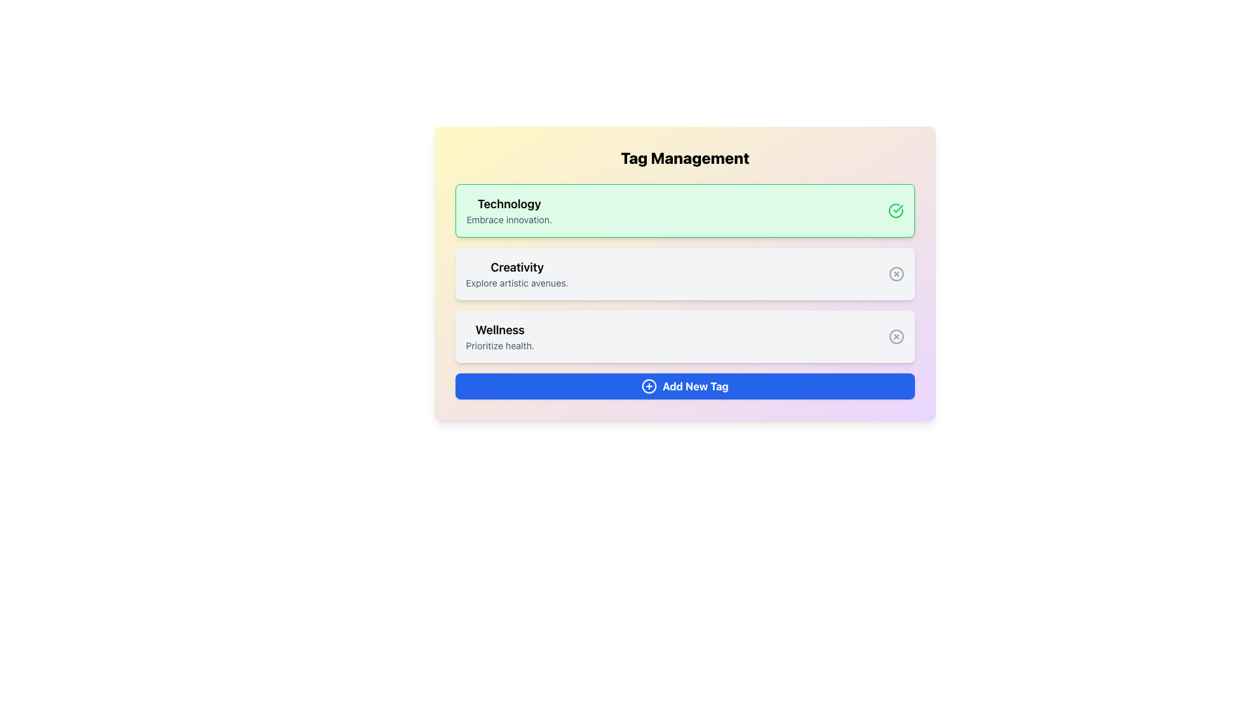  What do you see at coordinates (685, 273) in the screenshot?
I see `the 'Creativity' selectable card or category item, which is the second among three` at bounding box center [685, 273].